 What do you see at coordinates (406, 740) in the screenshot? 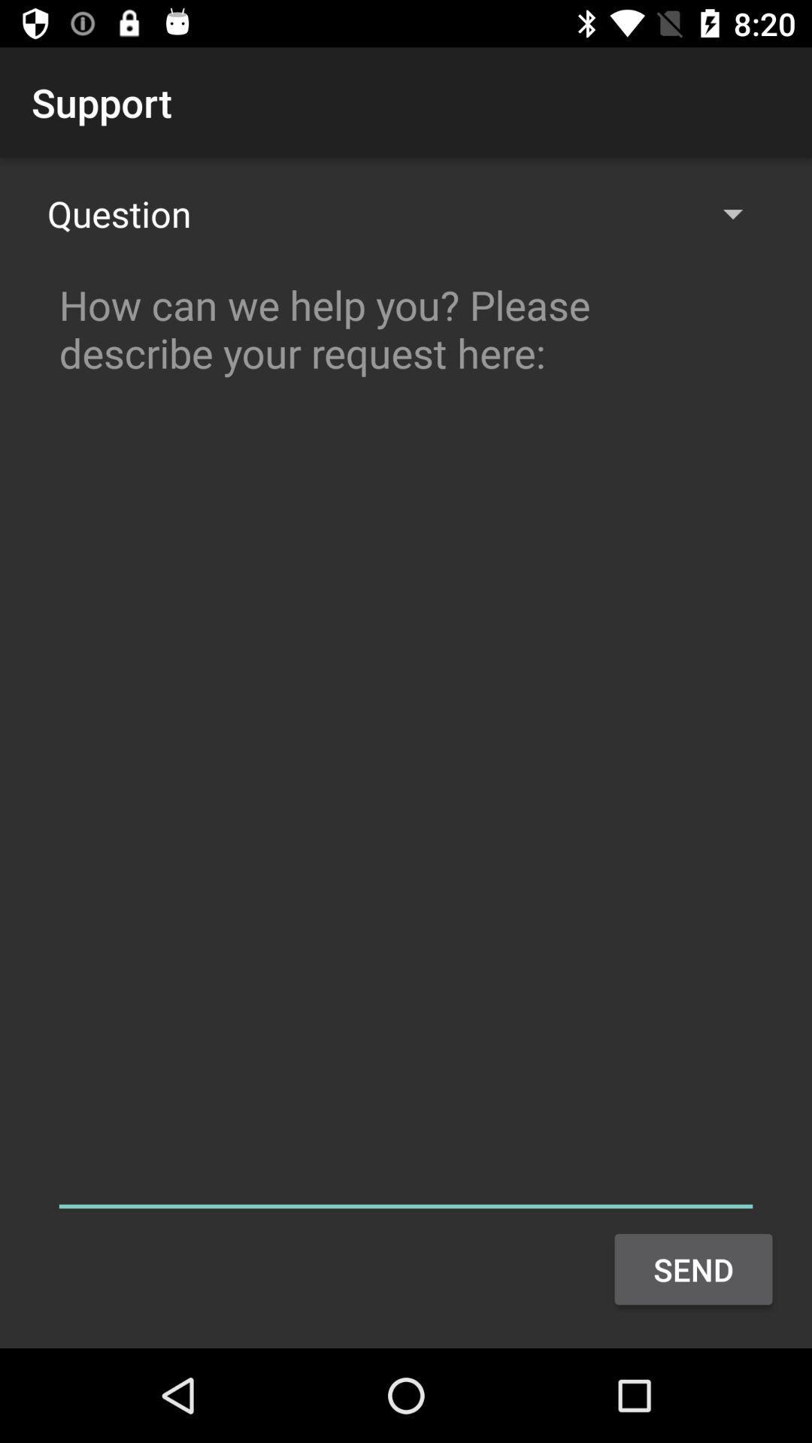
I see `ask question` at bounding box center [406, 740].